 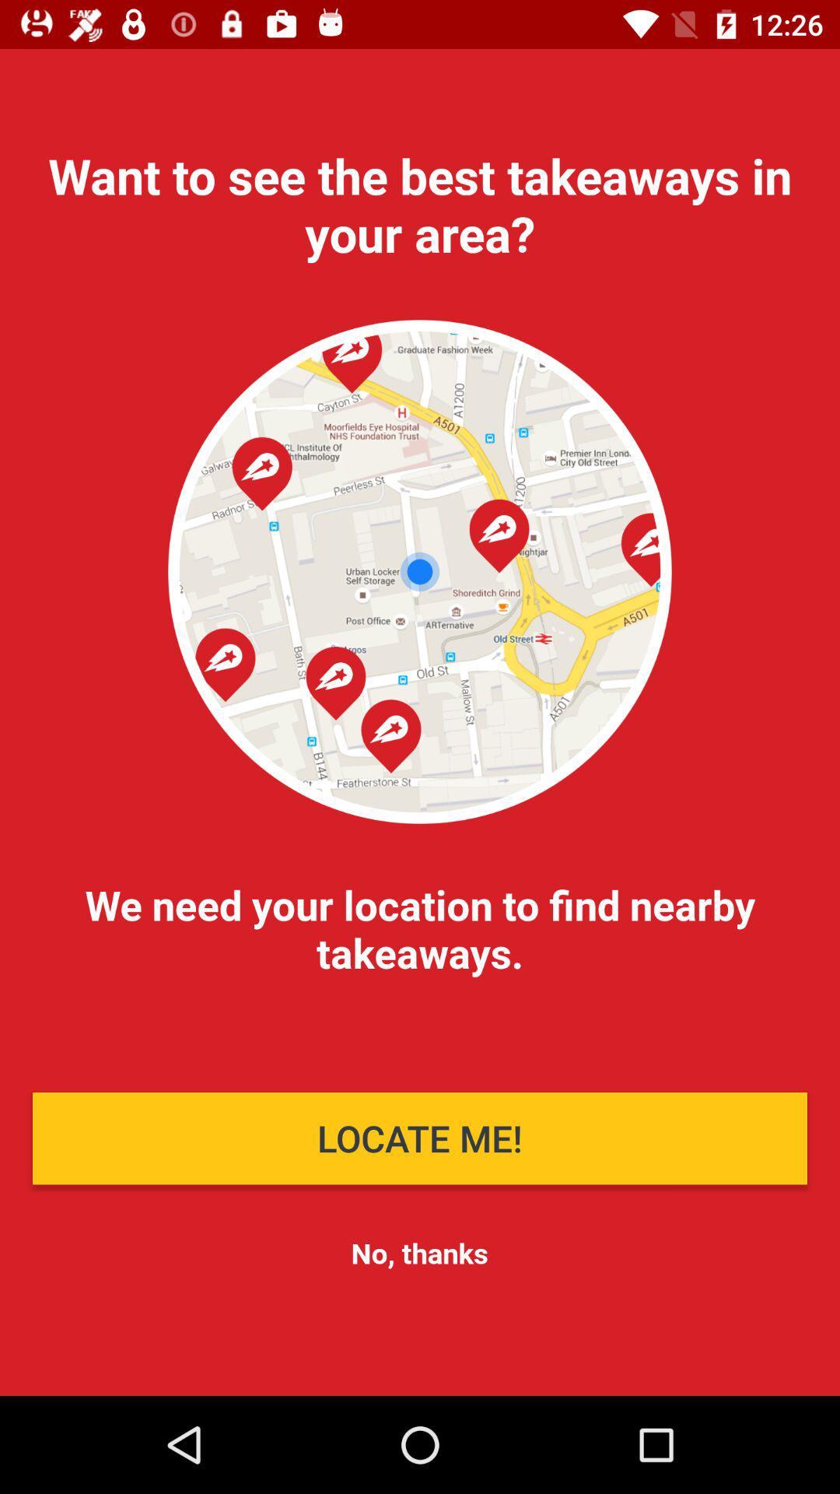 What do you see at coordinates (420, 1138) in the screenshot?
I see `the icon below the we need your item` at bounding box center [420, 1138].